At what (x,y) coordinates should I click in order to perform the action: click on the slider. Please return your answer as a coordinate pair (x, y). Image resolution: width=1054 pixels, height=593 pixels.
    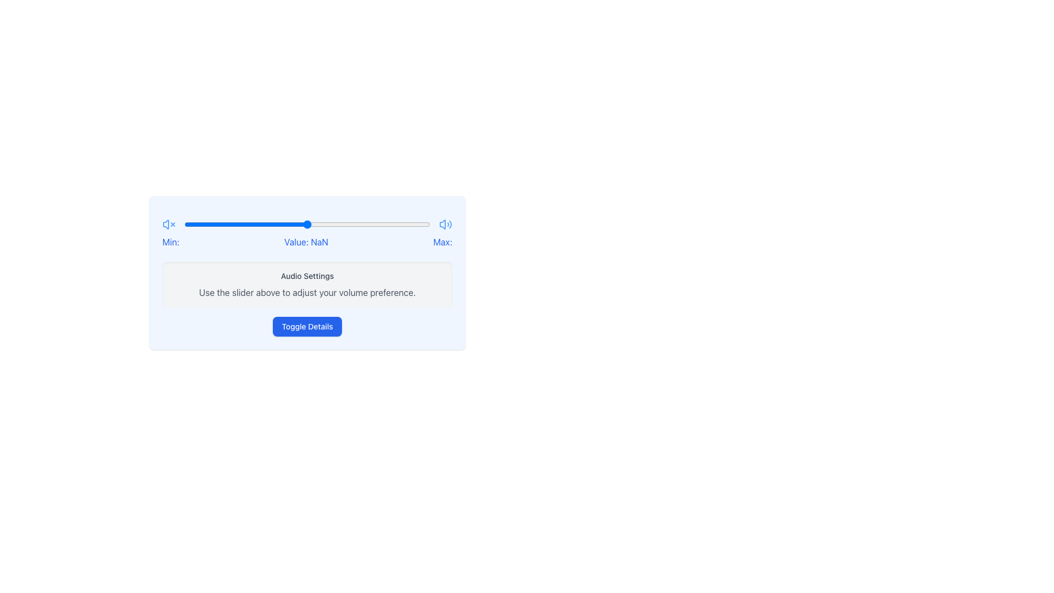
    Looking at the image, I should click on (238, 223).